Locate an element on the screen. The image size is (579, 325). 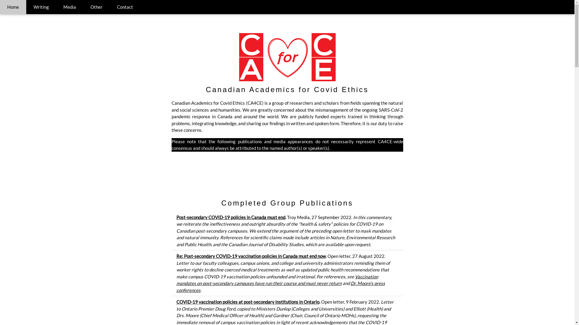
'Media' is located at coordinates (69, 7).